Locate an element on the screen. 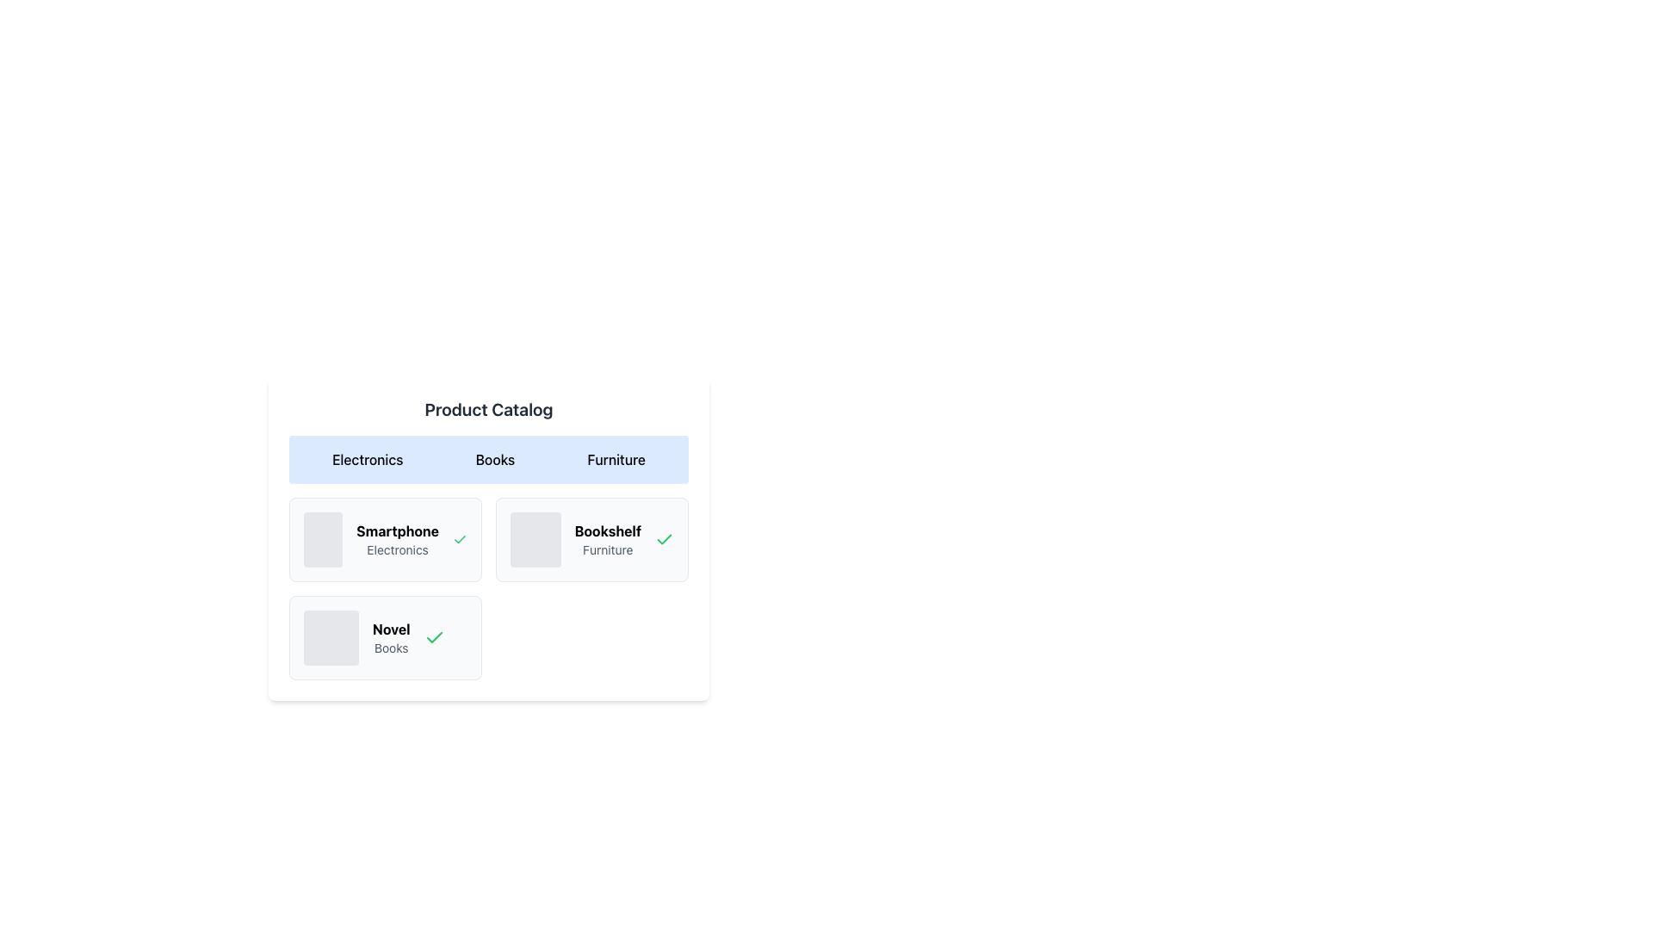 This screenshot has height=930, width=1653. the 'Furniture' button in the product catalog menu is located at coordinates (616, 458).